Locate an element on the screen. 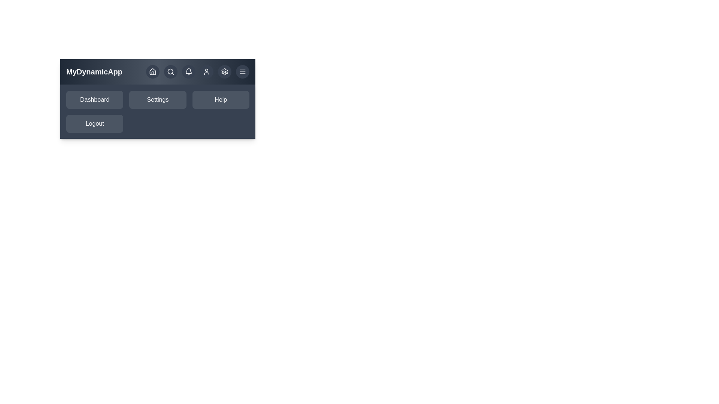 This screenshot has height=404, width=719. the Settings from the menu is located at coordinates (157, 99).